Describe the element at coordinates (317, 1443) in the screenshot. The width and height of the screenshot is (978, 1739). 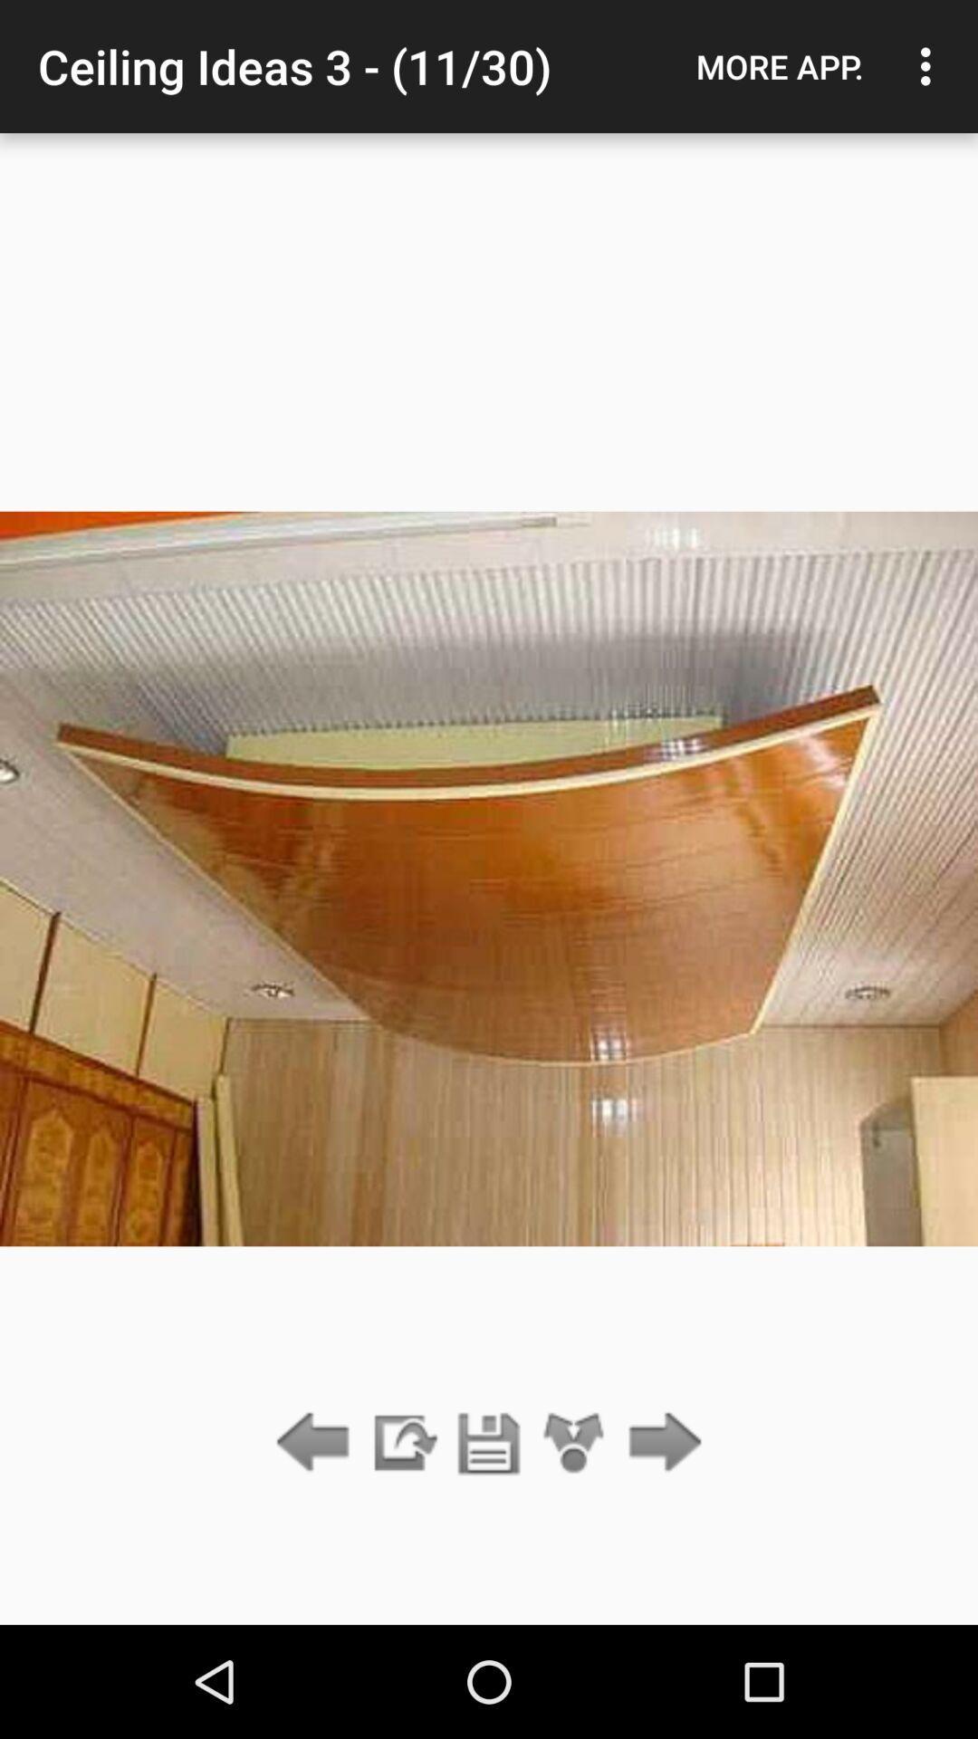
I see `previous image` at that location.